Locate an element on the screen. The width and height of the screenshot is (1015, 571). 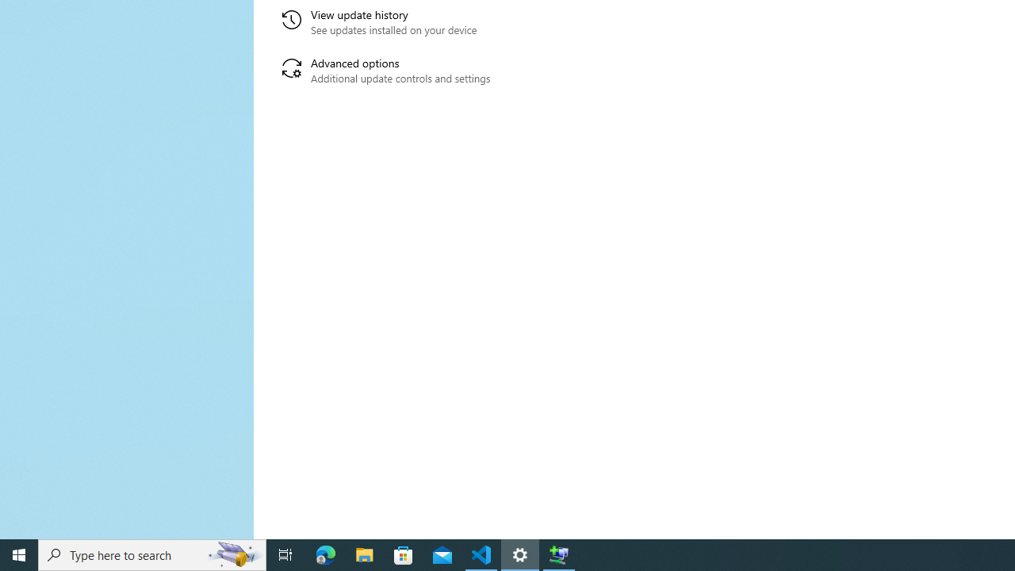
'Settings - 1 running window' is located at coordinates (520, 554).